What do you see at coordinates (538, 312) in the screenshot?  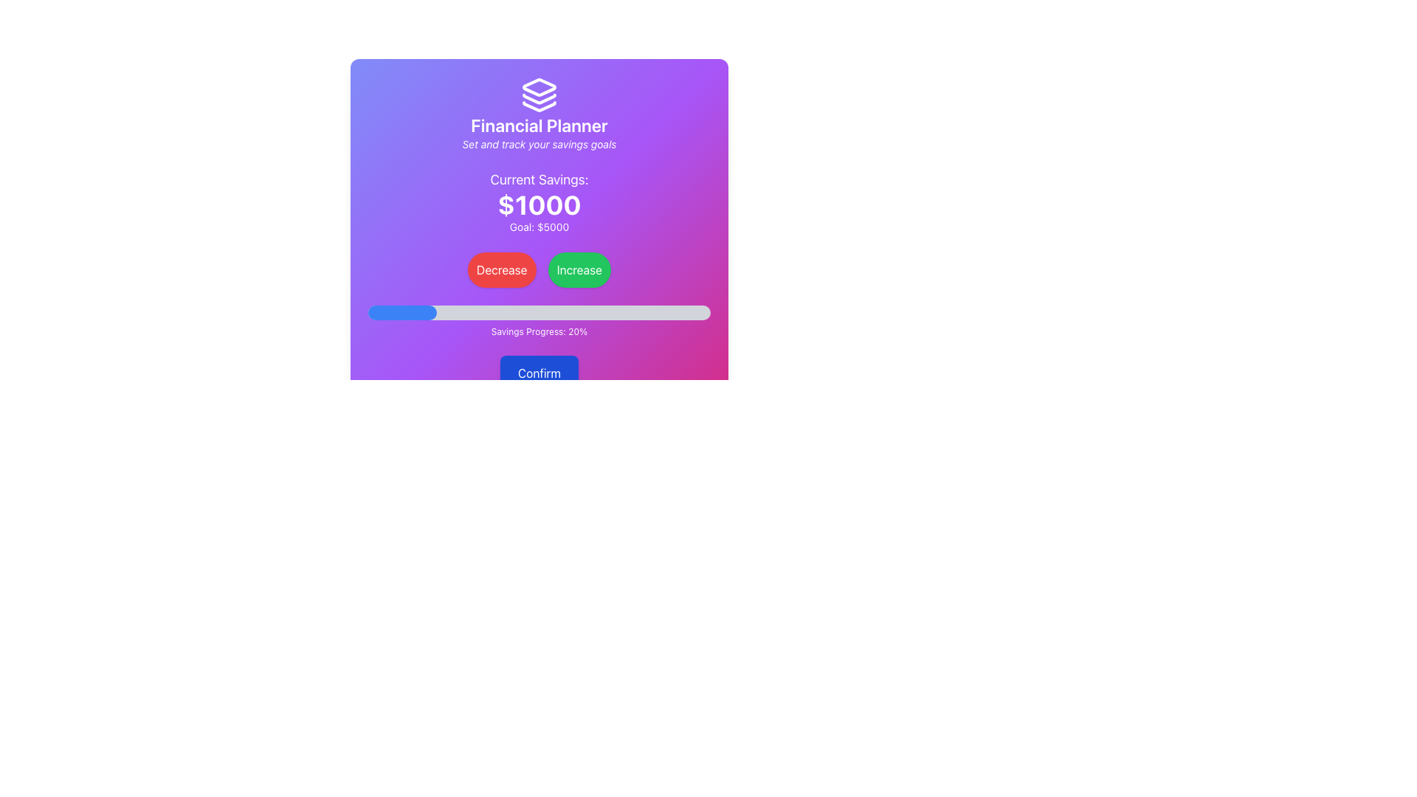 I see `the progress bar that visually represents the savings progress, which is located below the 'Decrease' and 'Increase' buttons and above the label stating 'Savings Progress: 20%'` at bounding box center [538, 312].